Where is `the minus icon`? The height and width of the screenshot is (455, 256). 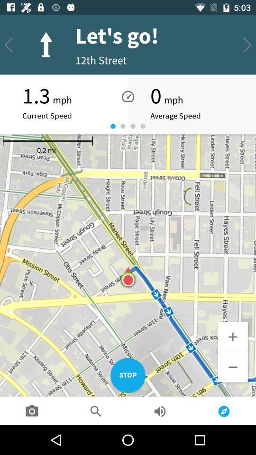
the minus icon is located at coordinates (232, 366).